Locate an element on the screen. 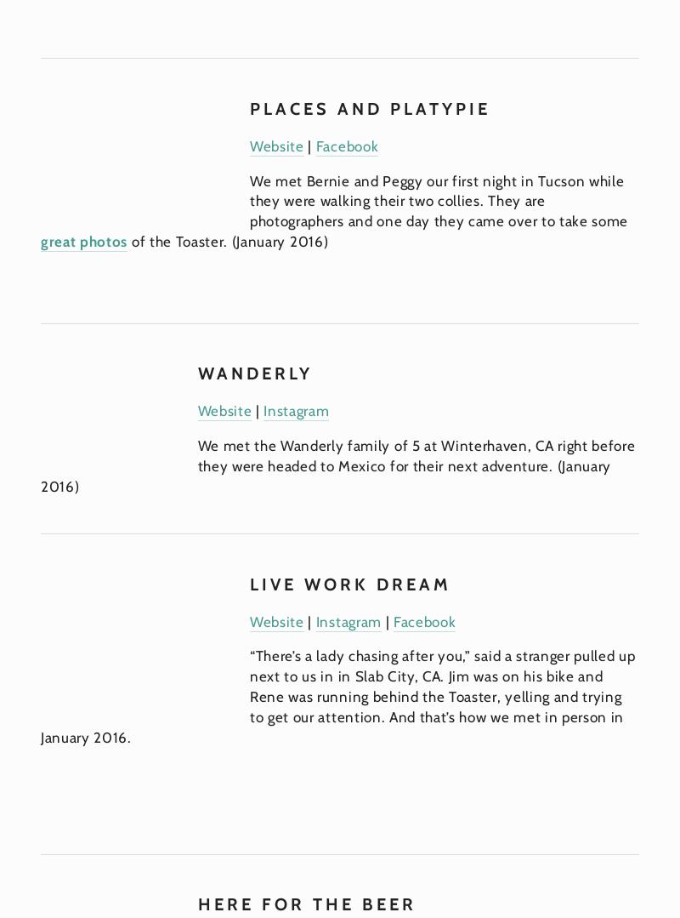 Image resolution: width=680 pixels, height=918 pixels. 'Here for the Beer' is located at coordinates (196, 904).